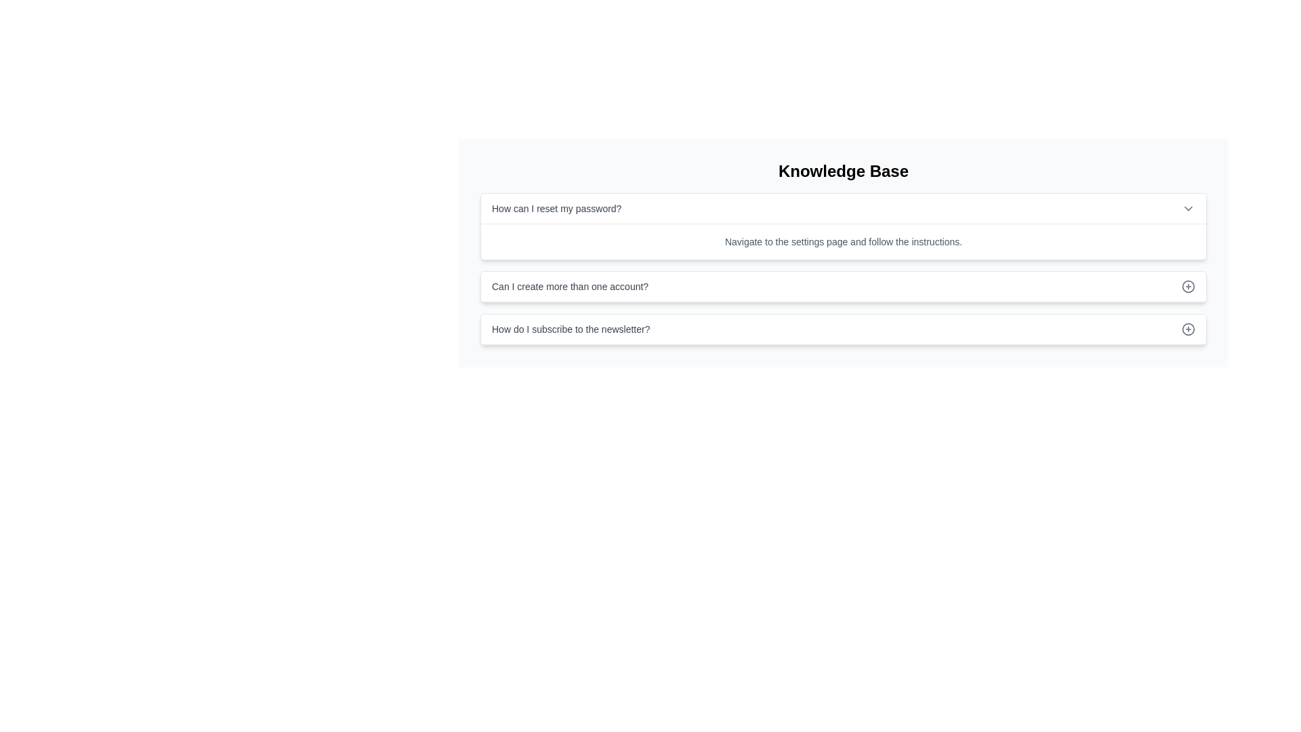 The width and height of the screenshot is (1301, 732). Describe the element at coordinates (1187, 286) in the screenshot. I see `the circular ring component of the SVG icon located to the right of the list item titled 'Can I create more than one account?'` at that location.